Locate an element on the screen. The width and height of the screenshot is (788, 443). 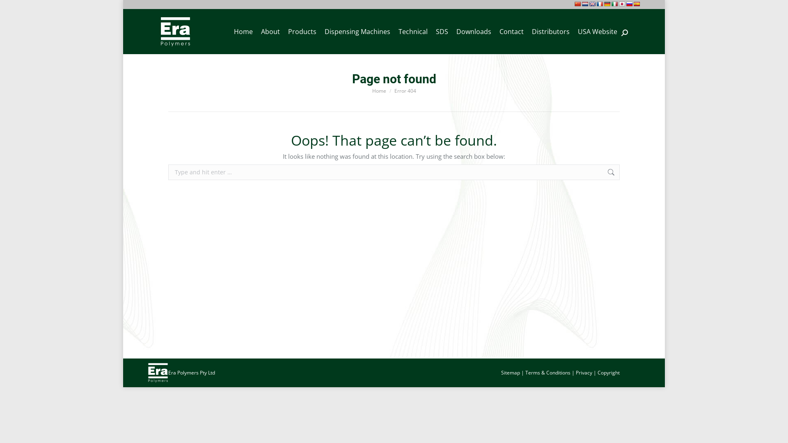
'Technical' is located at coordinates (413, 31).